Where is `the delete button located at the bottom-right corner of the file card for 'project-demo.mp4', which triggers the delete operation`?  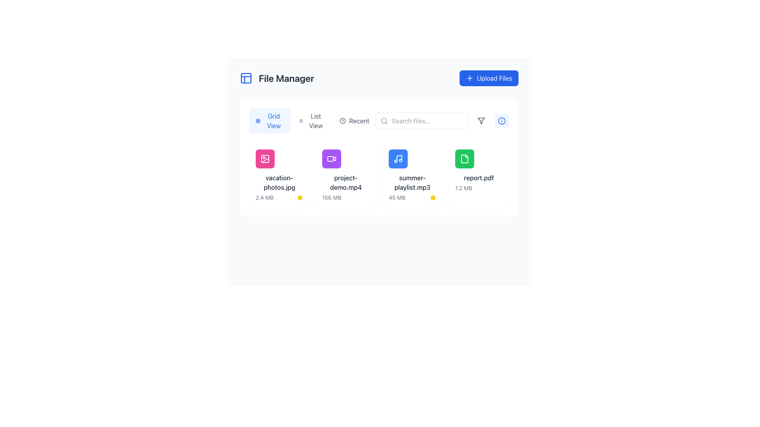 the delete button located at the bottom-right corner of the file card for 'project-demo.mp4', which triggers the delete operation is located at coordinates (362, 196).